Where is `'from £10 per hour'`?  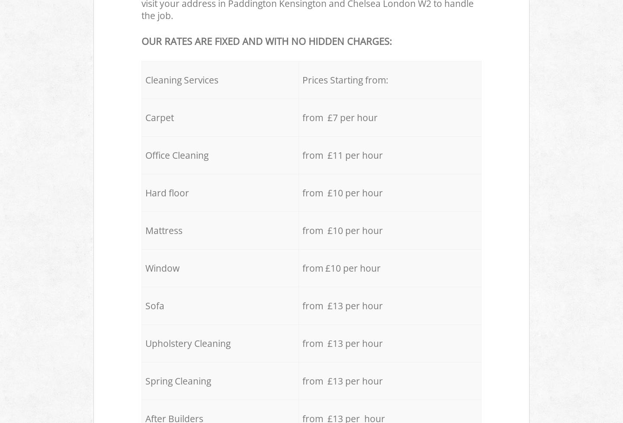 'from £10 per hour' is located at coordinates (341, 267).